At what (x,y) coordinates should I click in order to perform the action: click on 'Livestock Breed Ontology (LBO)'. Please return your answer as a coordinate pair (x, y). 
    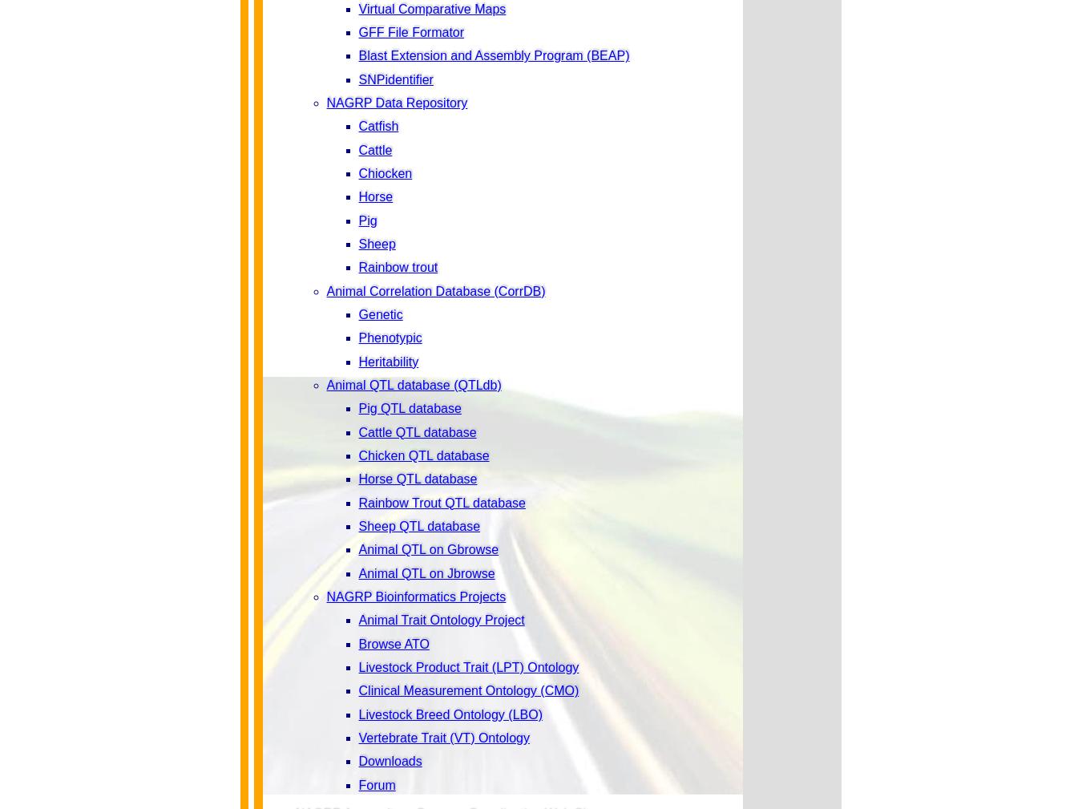
    Looking at the image, I should click on (449, 714).